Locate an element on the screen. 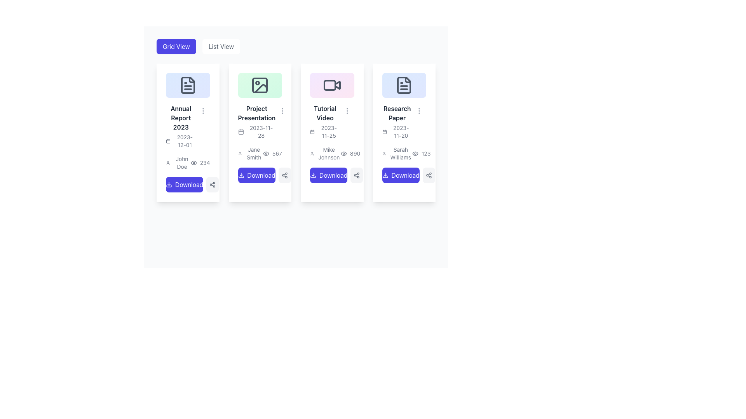 The image size is (746, 419). the icon representing tutorial video content located at the top center of the 'Tutorial Video' card, which is the third card in a row of four cards is located at coordinates (332, 85).